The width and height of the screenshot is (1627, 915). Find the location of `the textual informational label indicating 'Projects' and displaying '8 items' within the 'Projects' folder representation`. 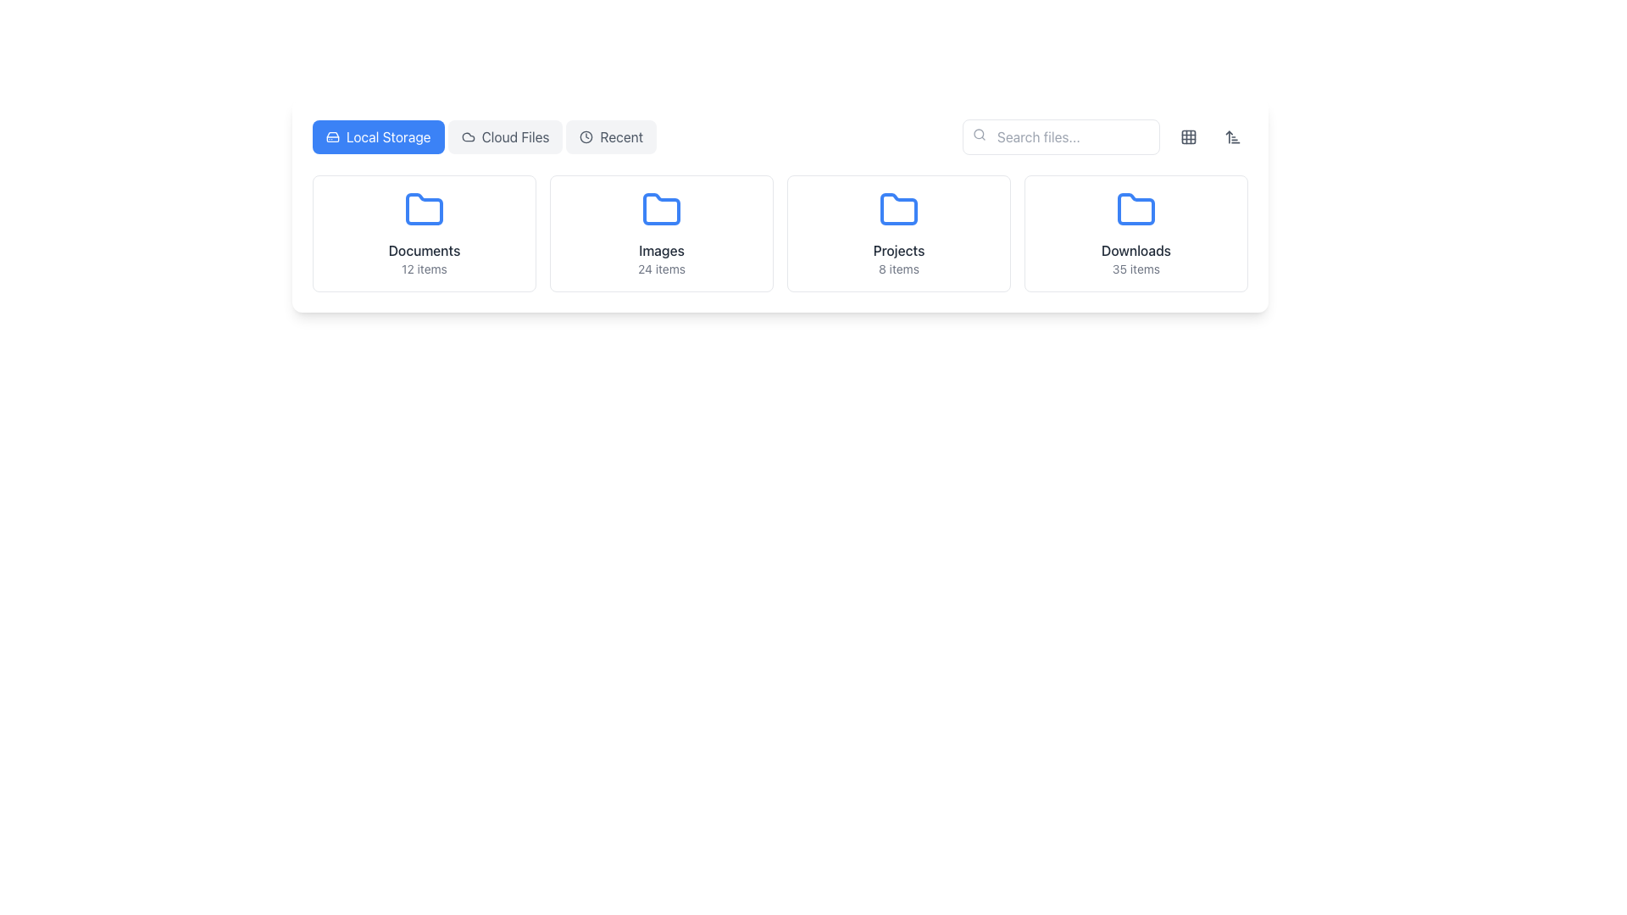

the textual informational label indicating 'Projects' and displaying '8 items' within the 'Projects' folder representation is located at coordinates (897, 258).